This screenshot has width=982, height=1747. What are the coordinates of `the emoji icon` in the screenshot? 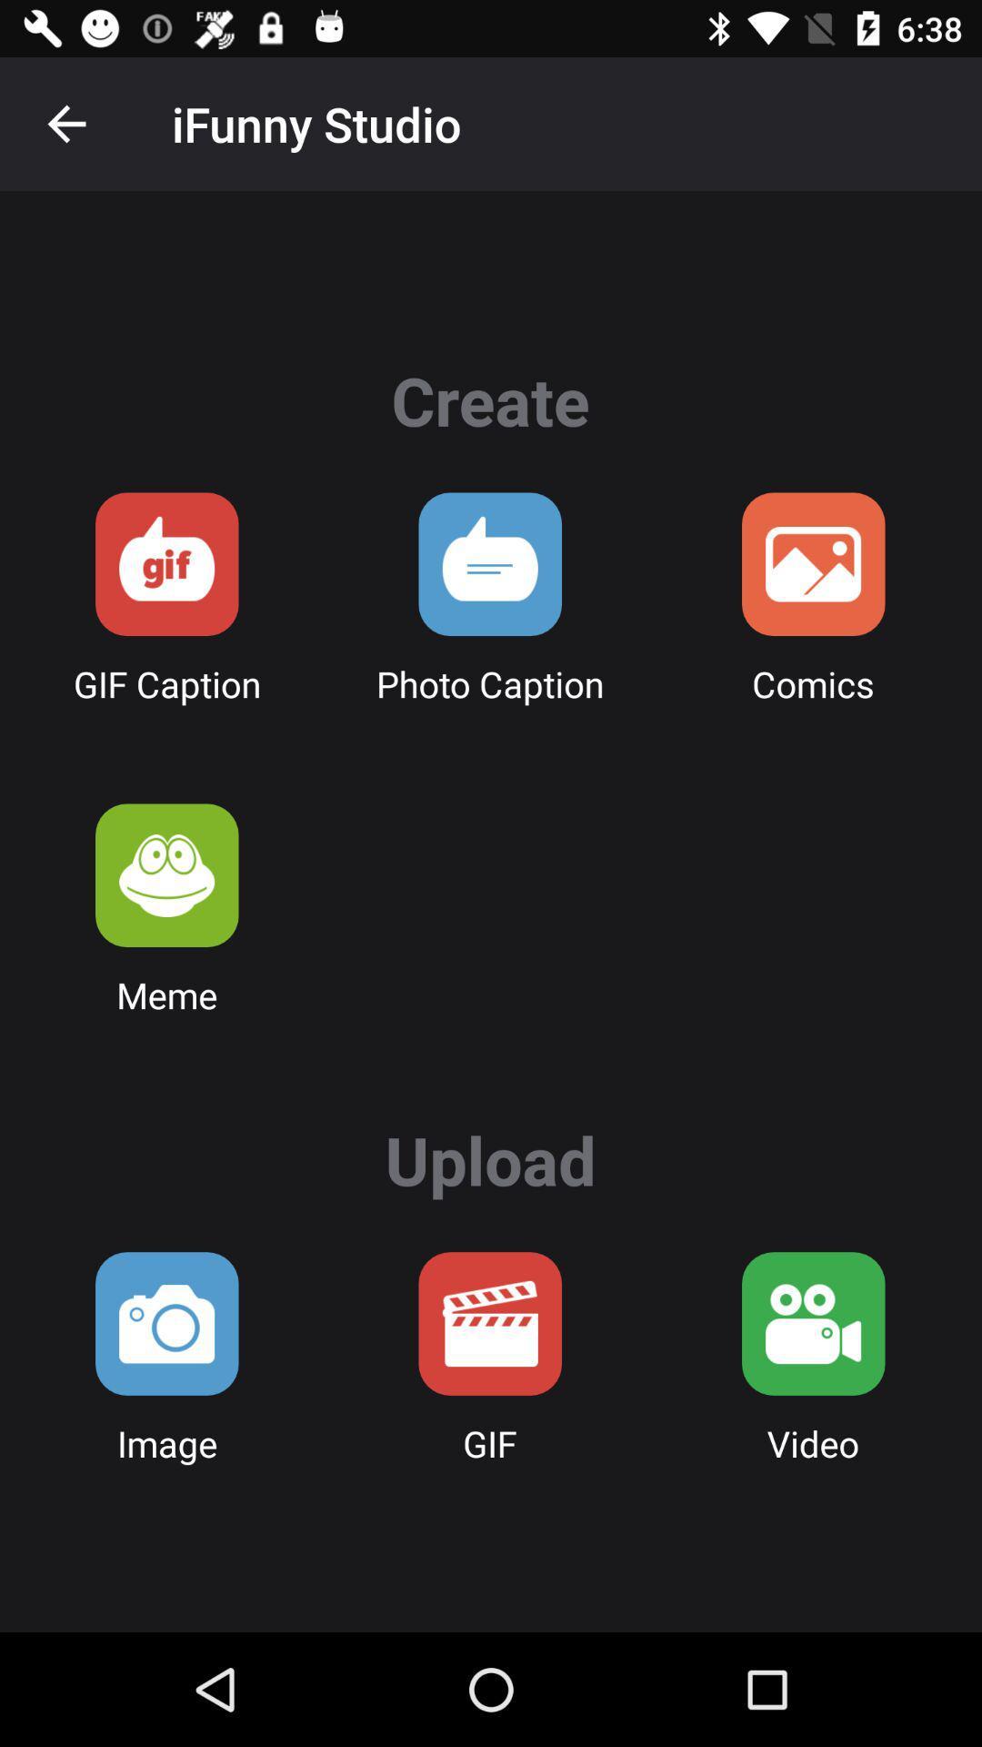 It's located at (166, 875).